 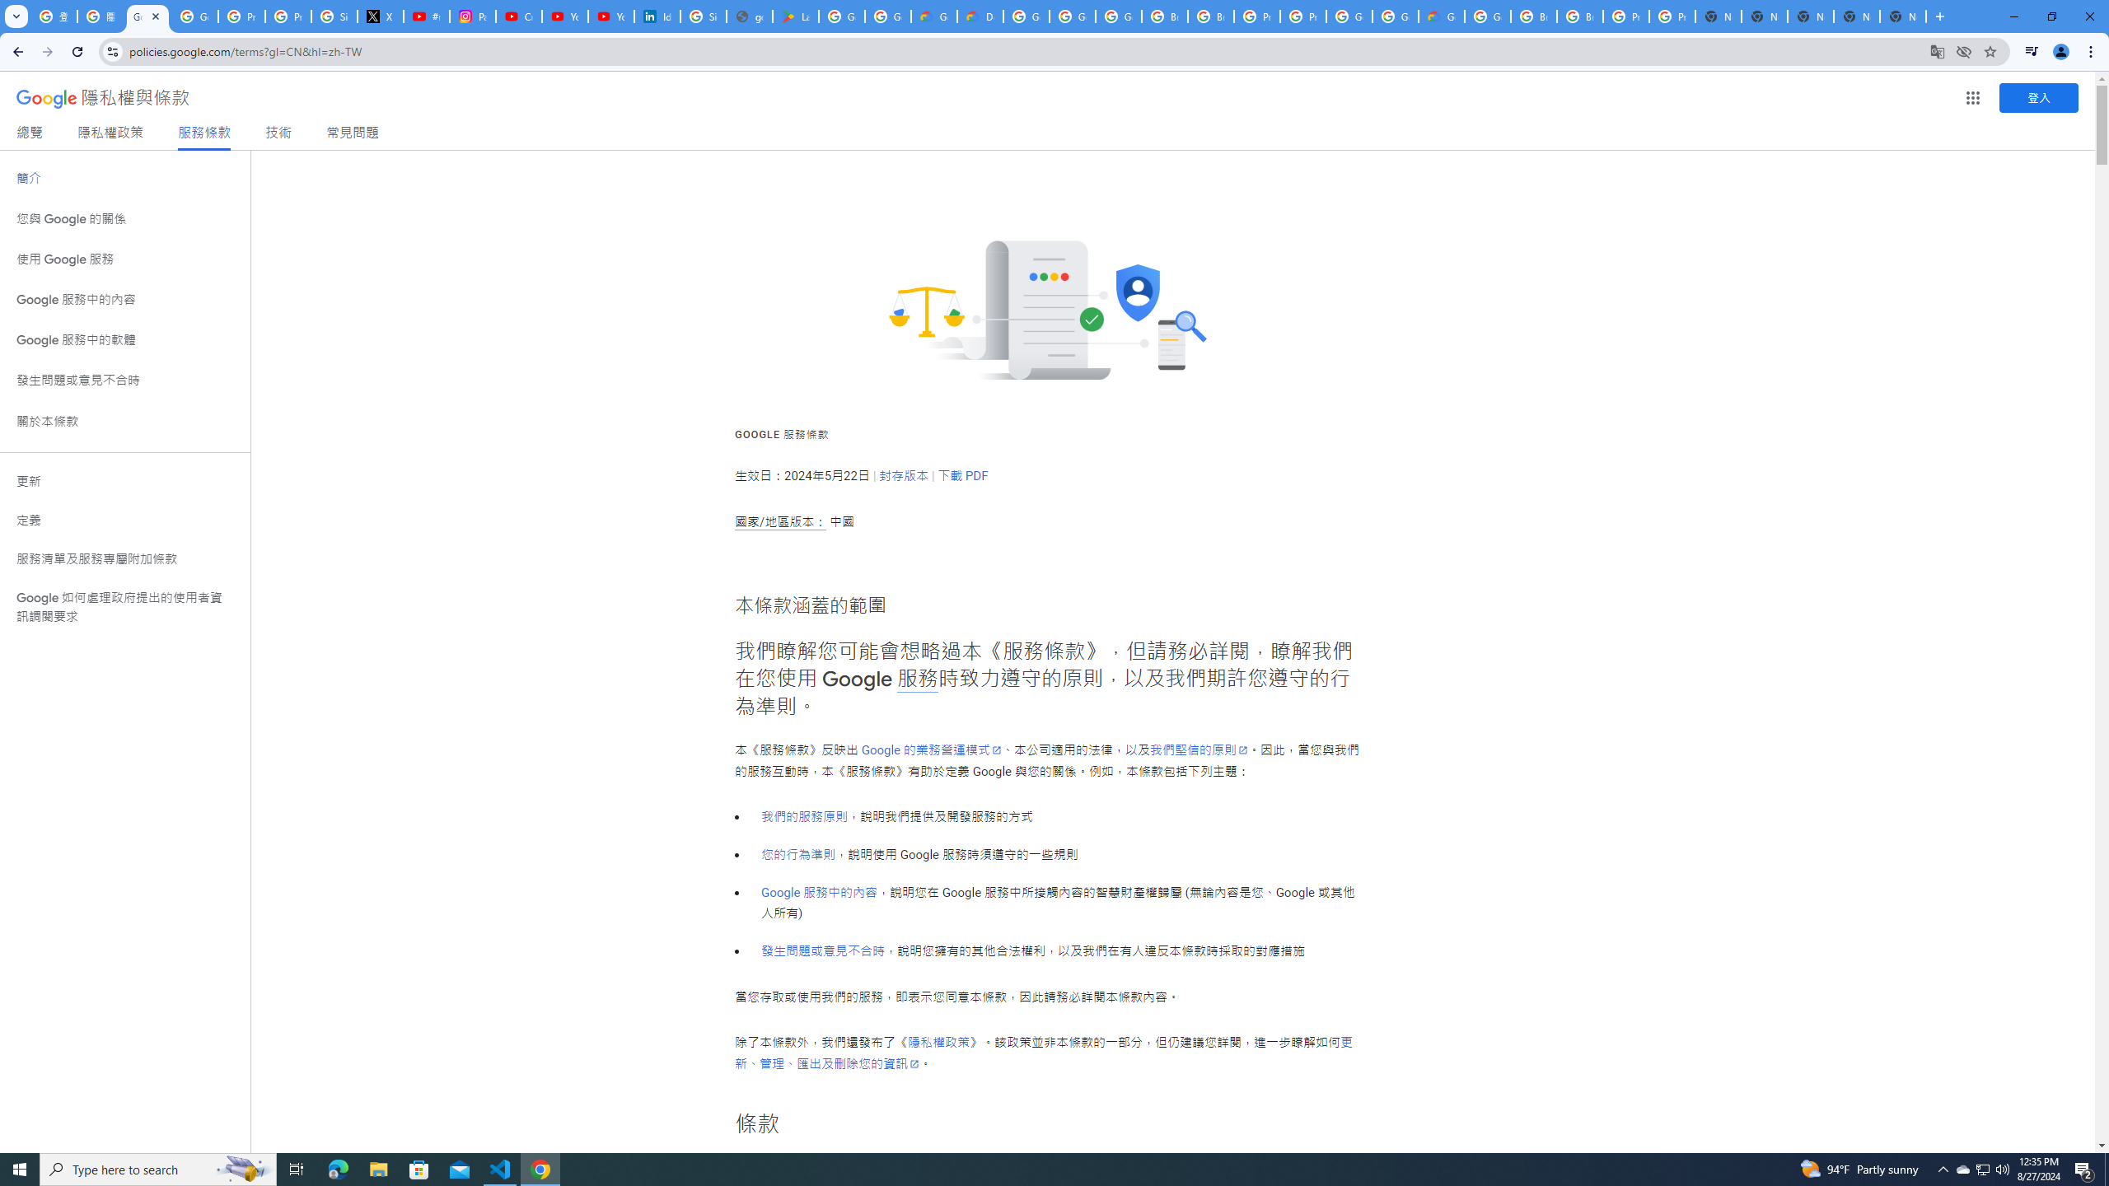 I want to click on 'New Tab', so click(x=1903, y=16).